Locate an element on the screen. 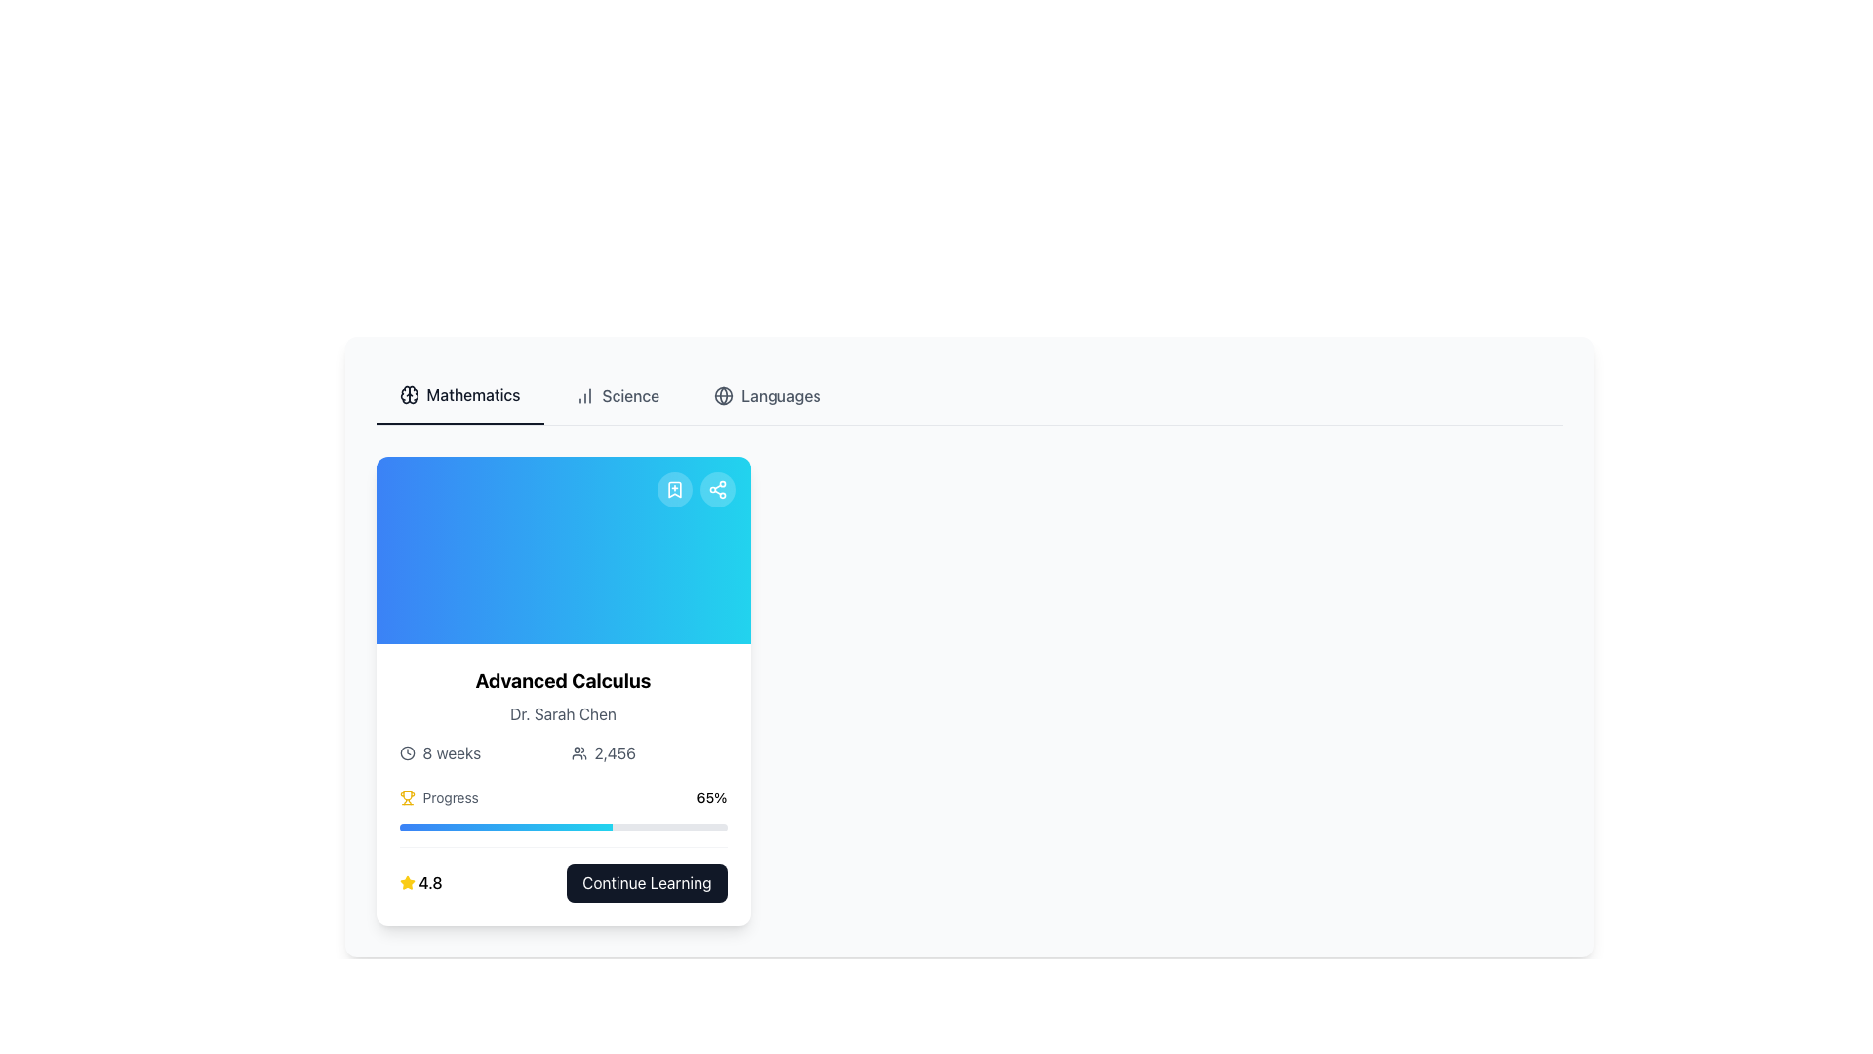 Image resolution: width=1873 pixels, height=1054 pixels. displayed percentage text '65%' which is styled in a medium-weight font and positioned at the bottom right of the card interface, adjacent to the progress bar is located at coordinates (710, 797).